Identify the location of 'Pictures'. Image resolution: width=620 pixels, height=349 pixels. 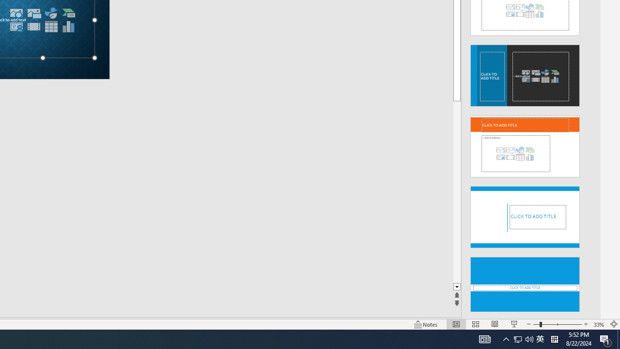
(33, 13).